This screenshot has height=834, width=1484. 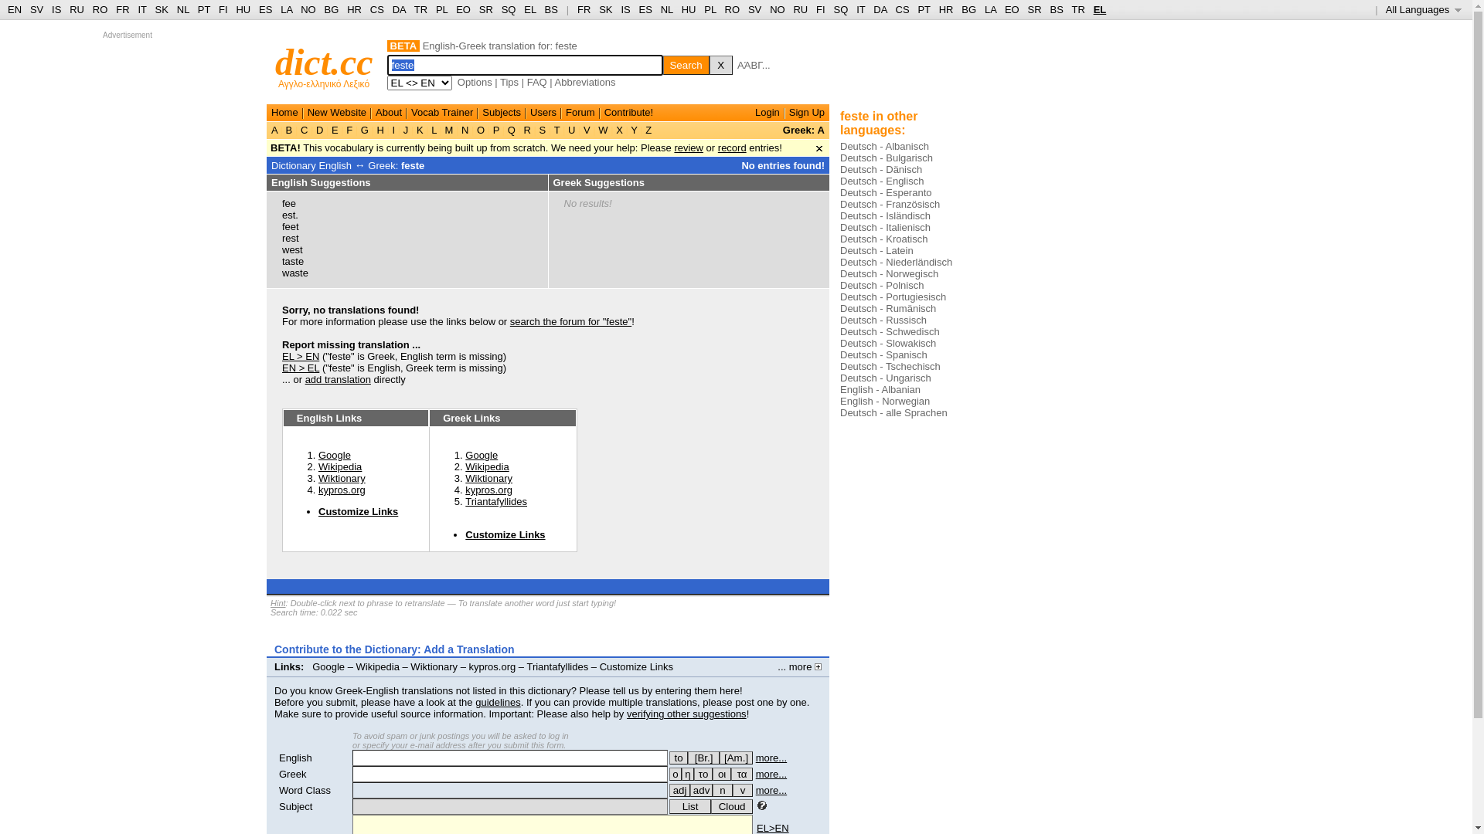 What do you see at coordinates (275, 129) in the screenshot?
I see `'A'` at bounding box center [275, 129].